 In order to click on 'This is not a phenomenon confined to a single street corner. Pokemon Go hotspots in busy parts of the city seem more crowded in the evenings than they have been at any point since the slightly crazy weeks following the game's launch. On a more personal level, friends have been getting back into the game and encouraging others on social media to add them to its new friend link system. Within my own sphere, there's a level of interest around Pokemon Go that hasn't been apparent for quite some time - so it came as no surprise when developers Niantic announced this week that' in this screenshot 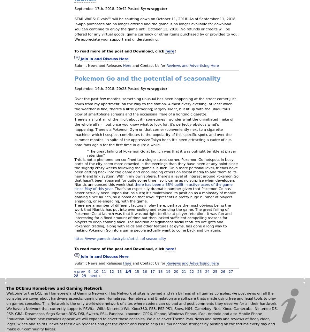, I will do `click(156, 171)`.